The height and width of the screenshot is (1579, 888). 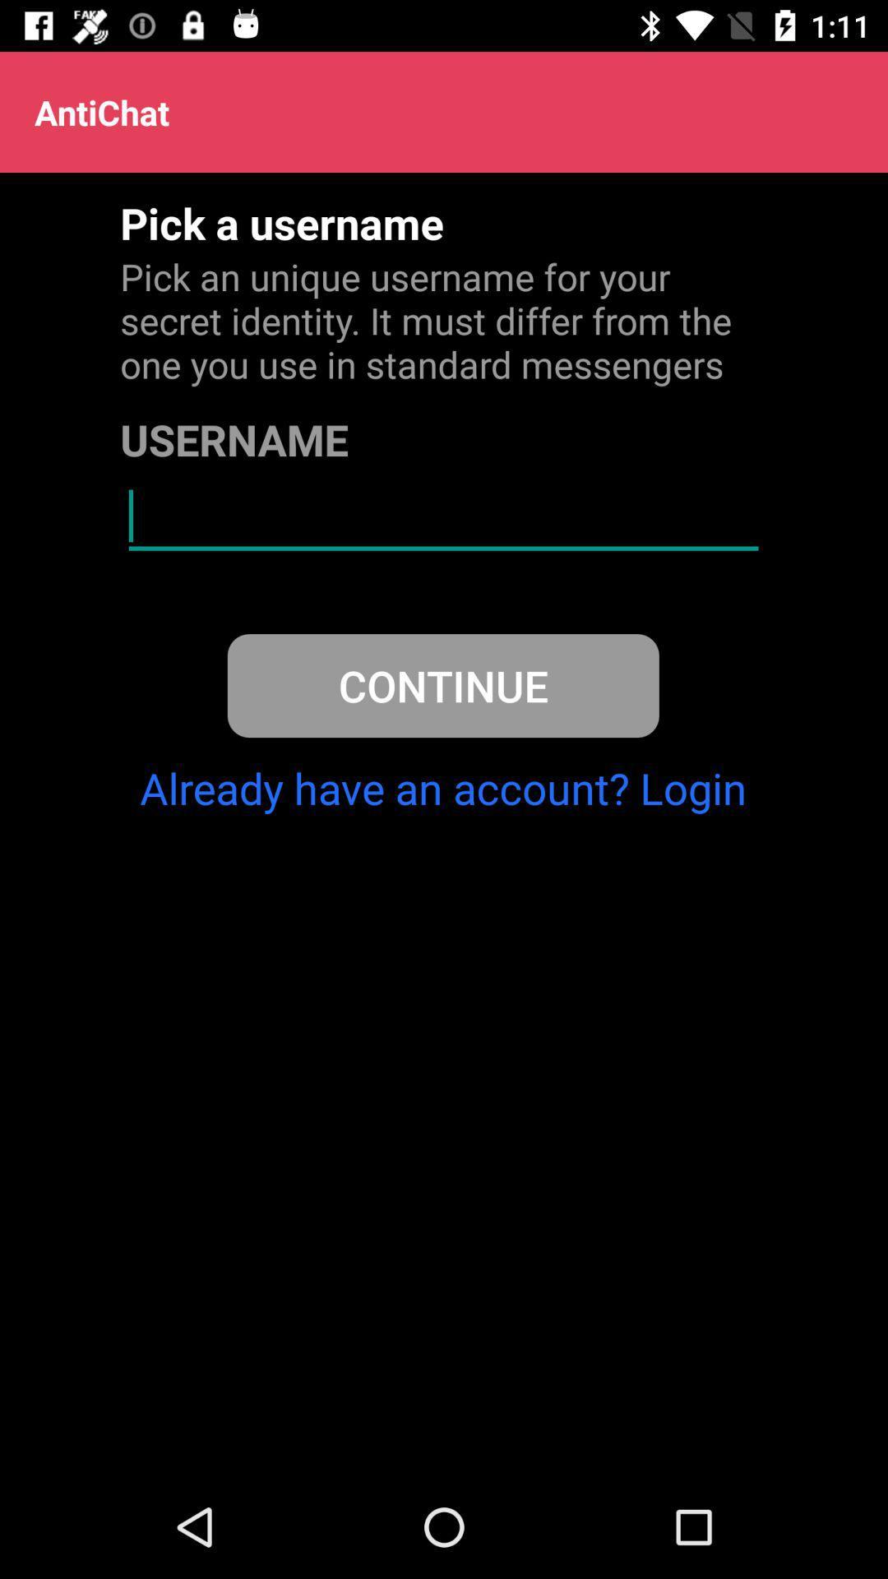 I want to click on icon below the username item, so click(x=442, y=516).